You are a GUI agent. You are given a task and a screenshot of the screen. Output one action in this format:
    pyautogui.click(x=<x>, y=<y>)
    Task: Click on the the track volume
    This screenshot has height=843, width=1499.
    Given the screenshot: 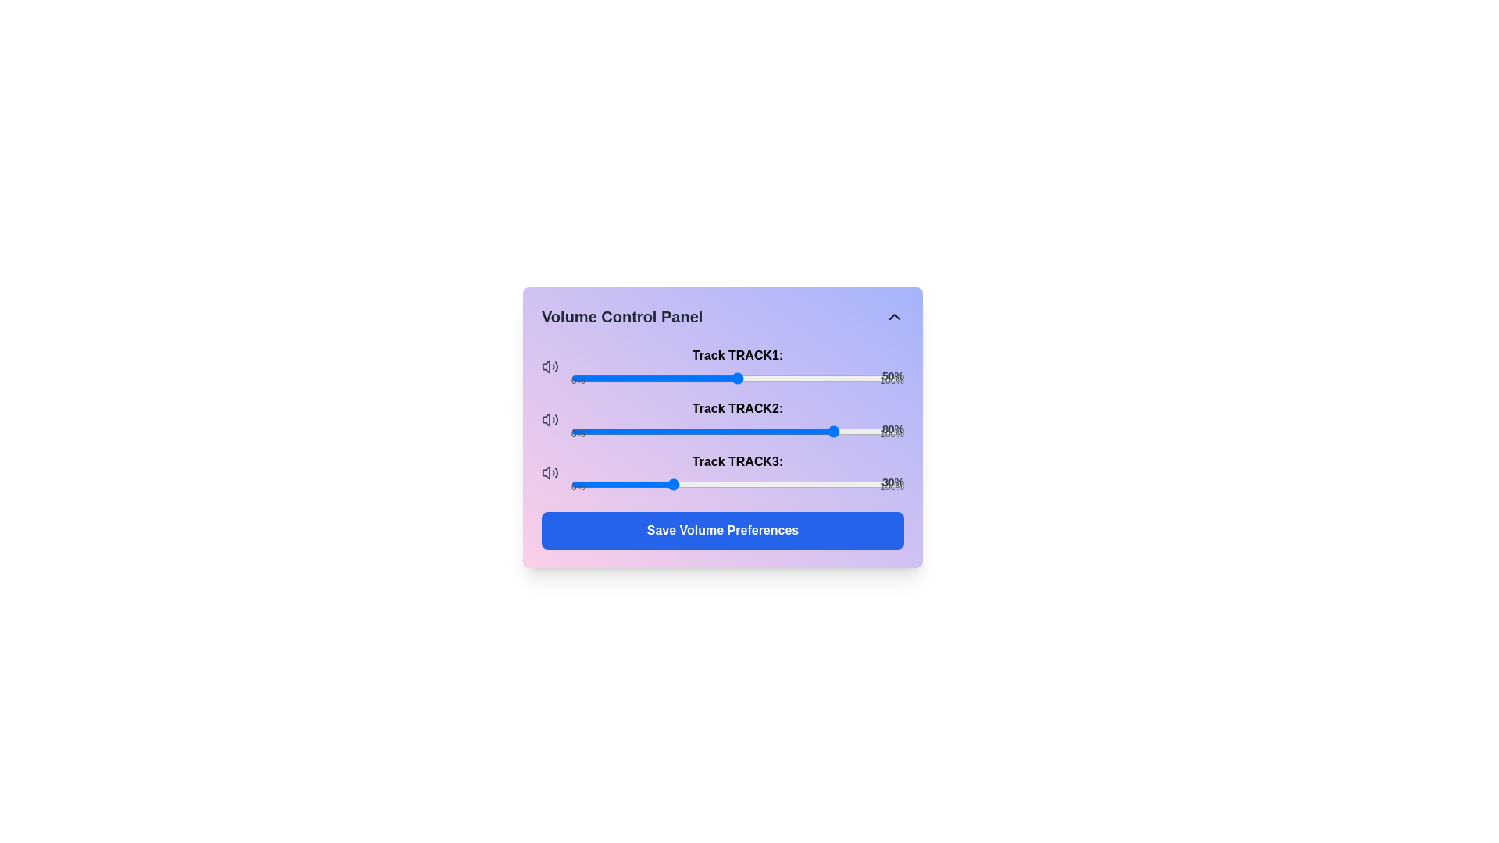 What is the action you would take?
    pyautogui.click(x=604, y=484)
    